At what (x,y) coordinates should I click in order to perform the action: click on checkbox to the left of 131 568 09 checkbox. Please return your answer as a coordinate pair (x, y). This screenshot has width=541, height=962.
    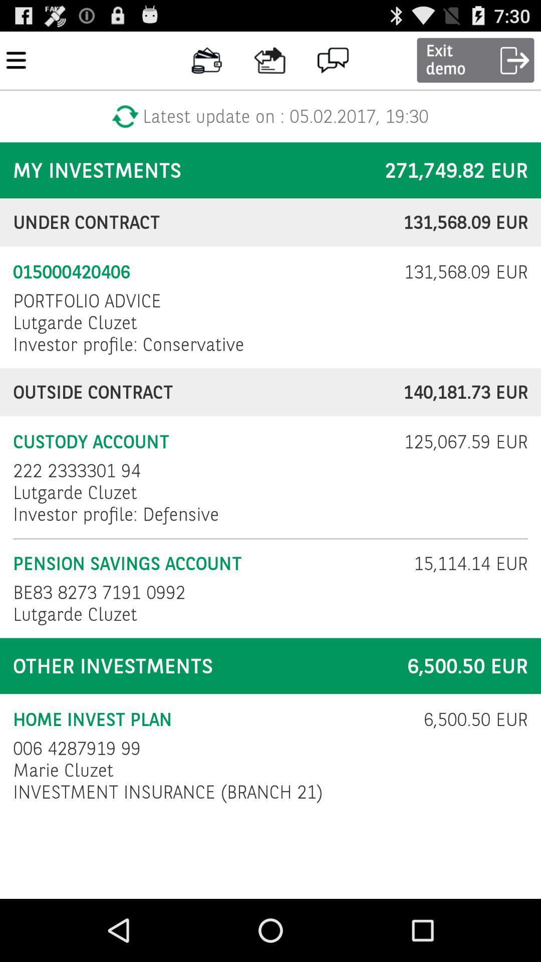
    Looking at the image, I should click on (202, 272).